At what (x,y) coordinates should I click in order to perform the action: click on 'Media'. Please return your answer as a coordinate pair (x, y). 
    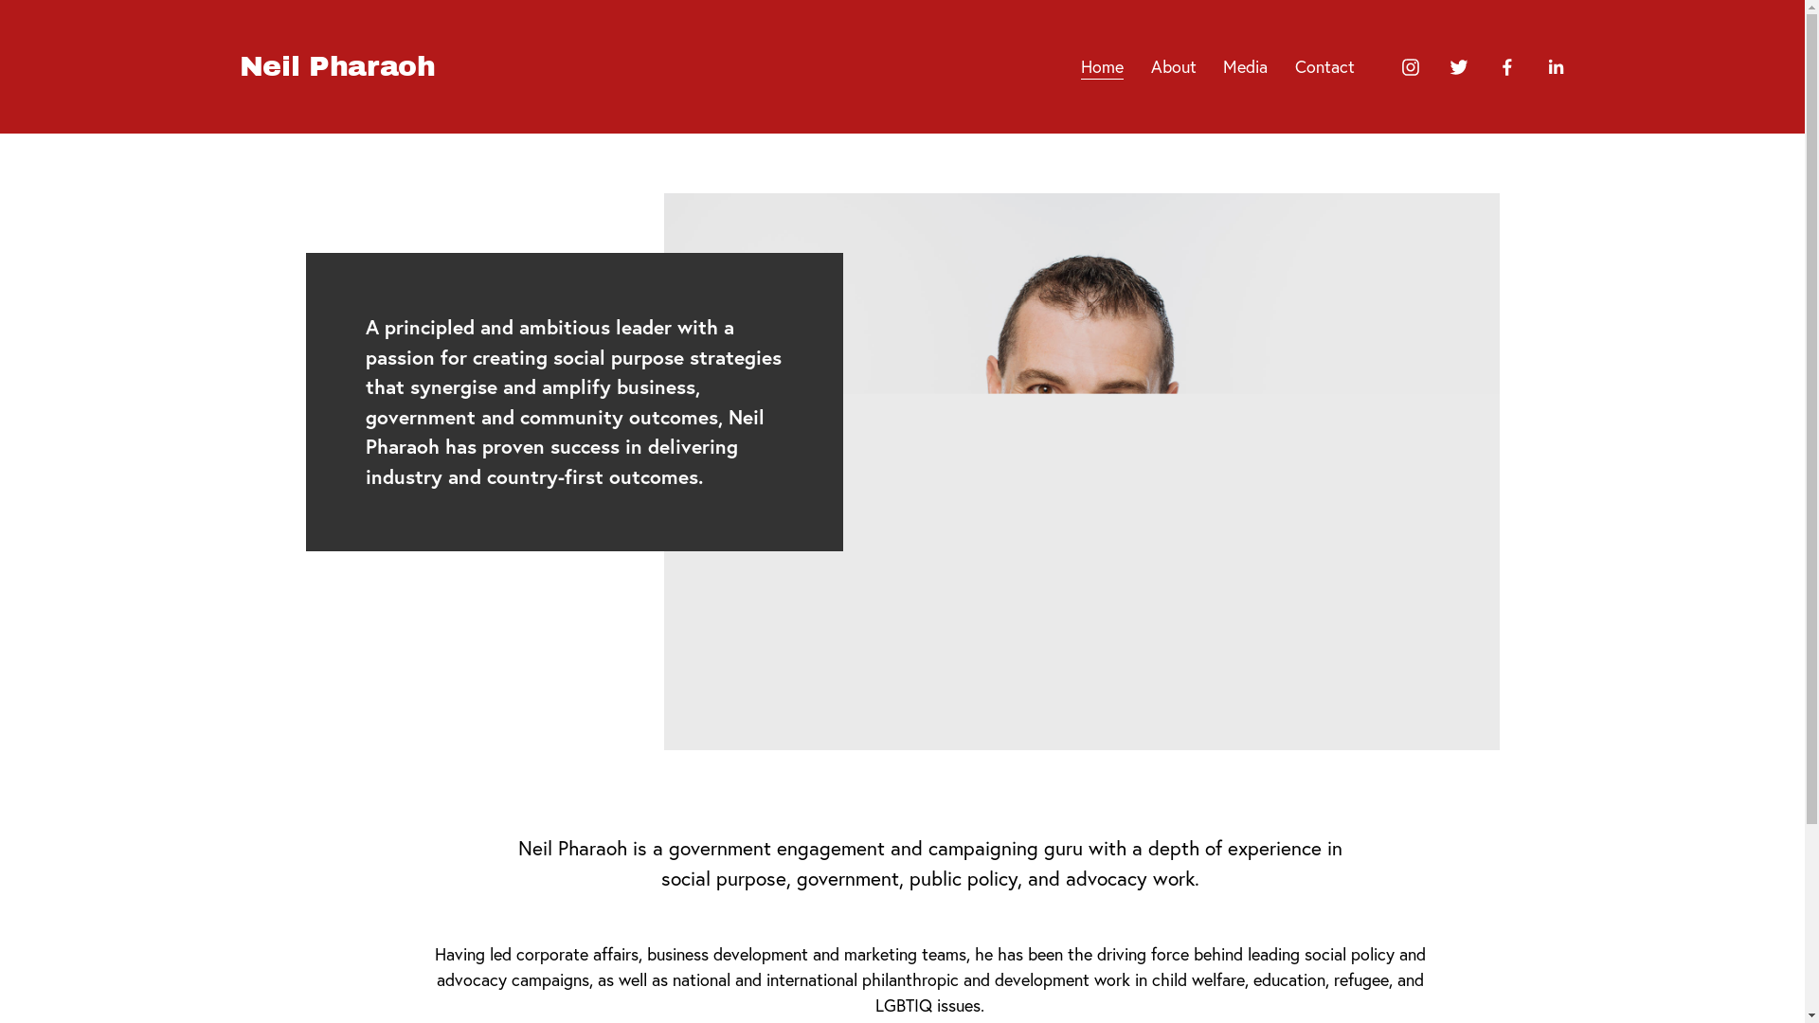
    Looking at the image, I should click on (1245, 65).